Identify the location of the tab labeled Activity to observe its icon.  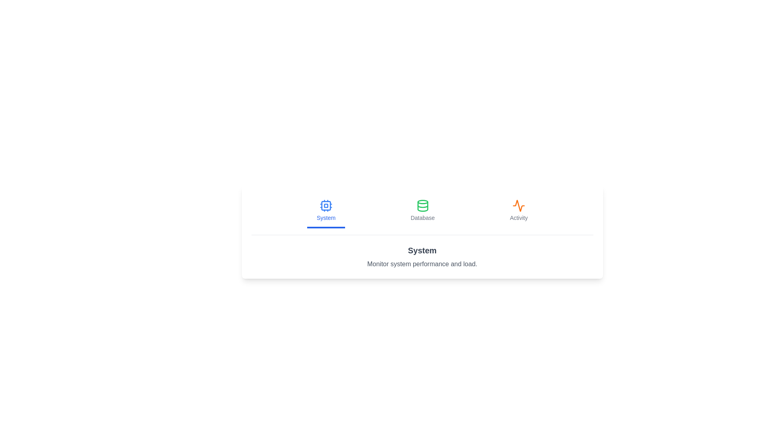
(518, 211).